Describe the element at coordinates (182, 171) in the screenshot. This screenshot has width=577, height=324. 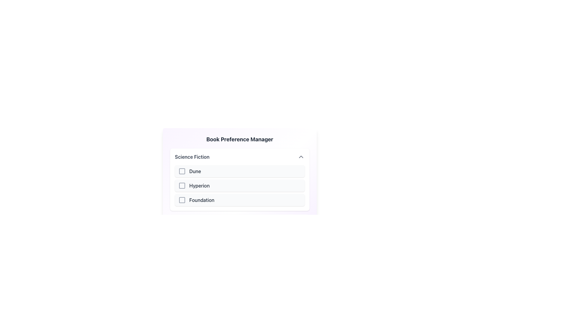
I see `the square checkbox icon with a gray border, located to the left of the text label 'Dune' in the vertical list, to potentially display more information` at that location.